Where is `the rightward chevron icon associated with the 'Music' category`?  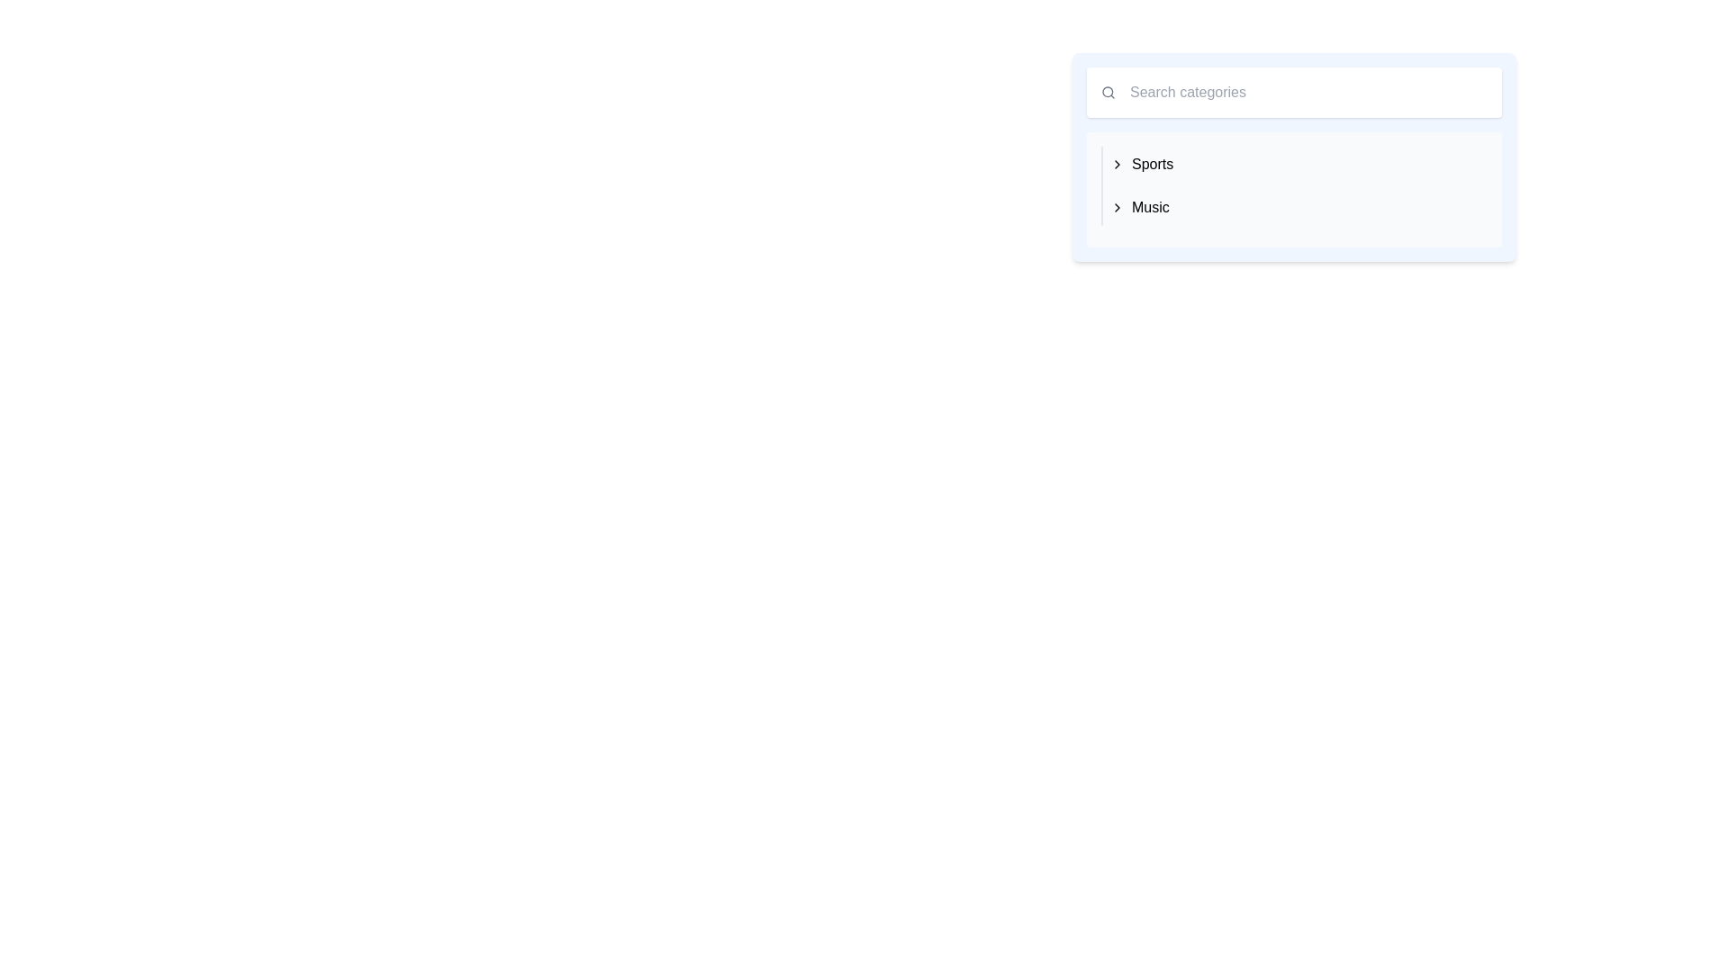 the rightward chevron icon associated with the 'Music' category is located at coordinates (1117, 207).